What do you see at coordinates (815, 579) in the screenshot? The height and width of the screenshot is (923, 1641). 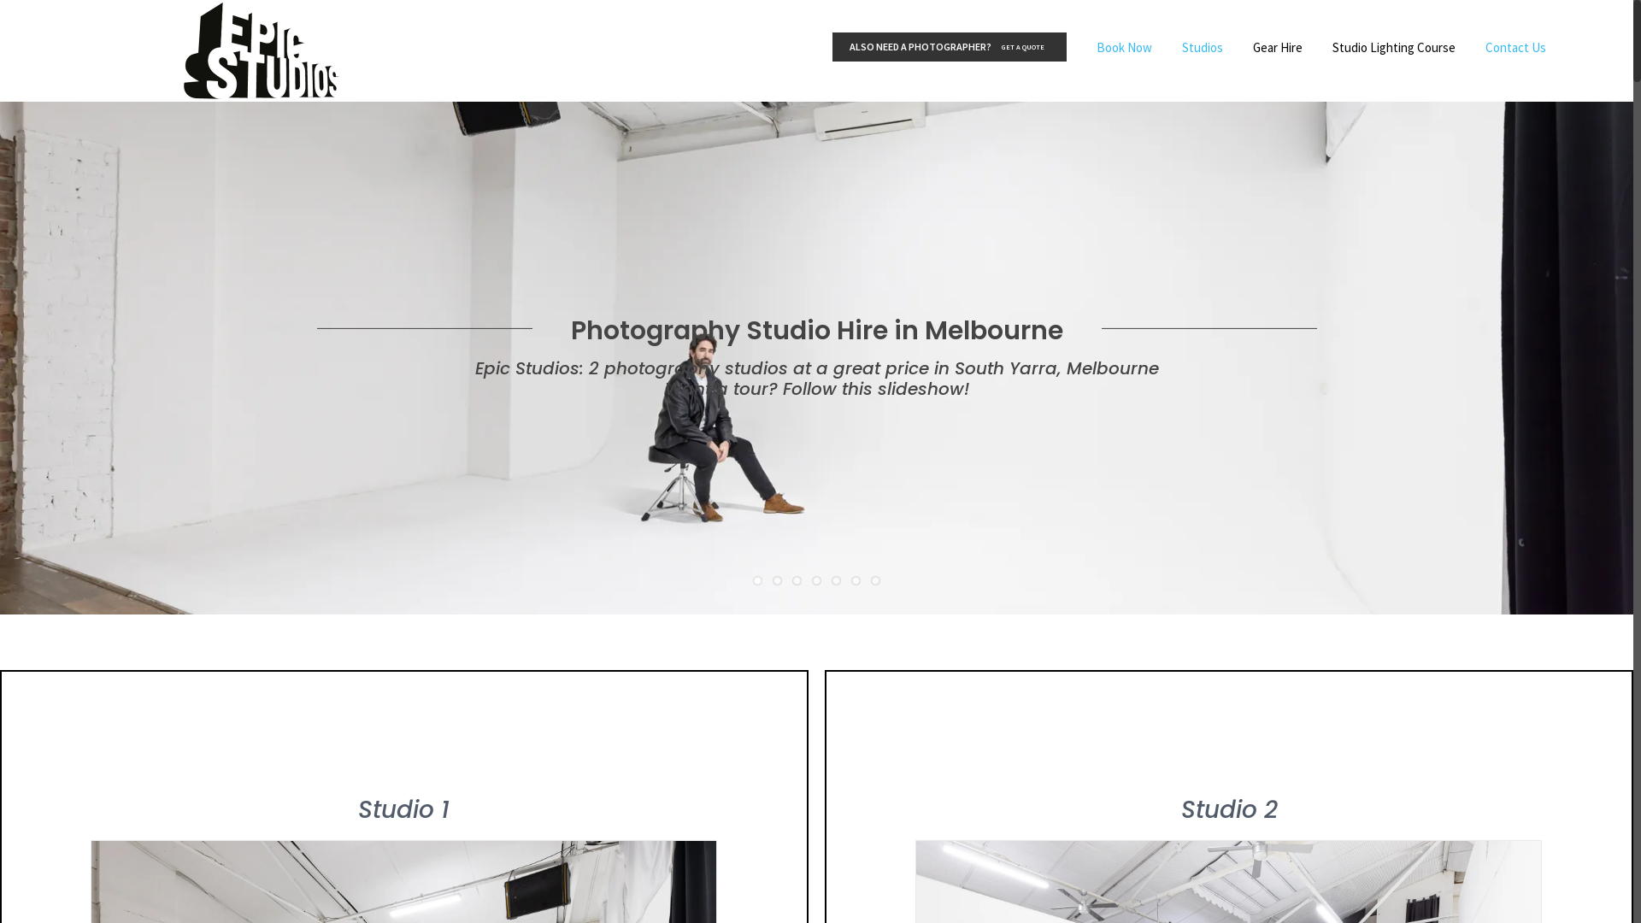 I see `'4'` at bounding box center [815, 579].